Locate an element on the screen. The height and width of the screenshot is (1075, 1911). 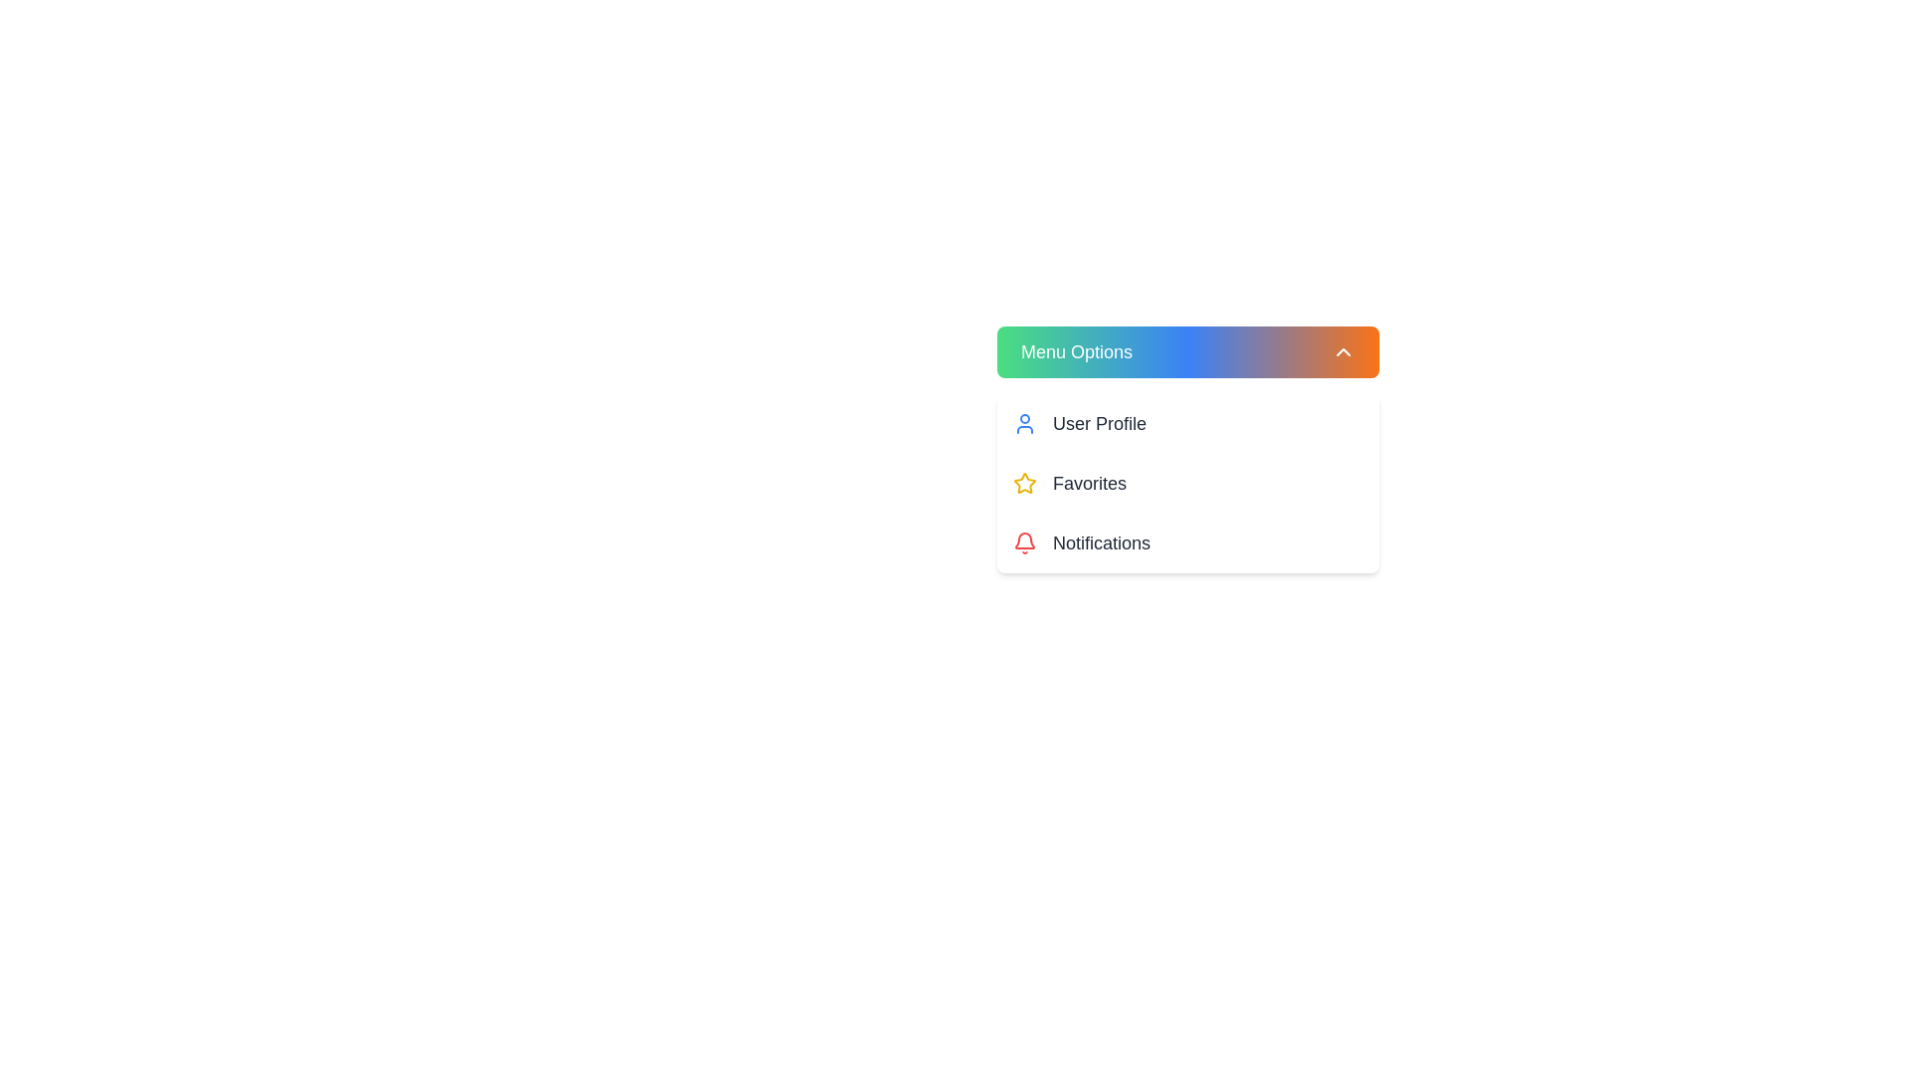
the 'Favorites' text label located in the dropdown menu titled 'Menu Options', positioned below 'User Profile' and above 'Notifications' is located at coordinates (1088, 484).